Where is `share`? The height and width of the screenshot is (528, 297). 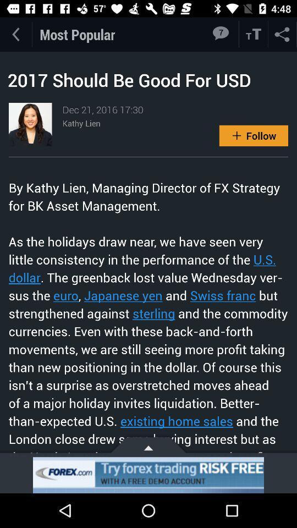 share is located at coordinates (282, 34).